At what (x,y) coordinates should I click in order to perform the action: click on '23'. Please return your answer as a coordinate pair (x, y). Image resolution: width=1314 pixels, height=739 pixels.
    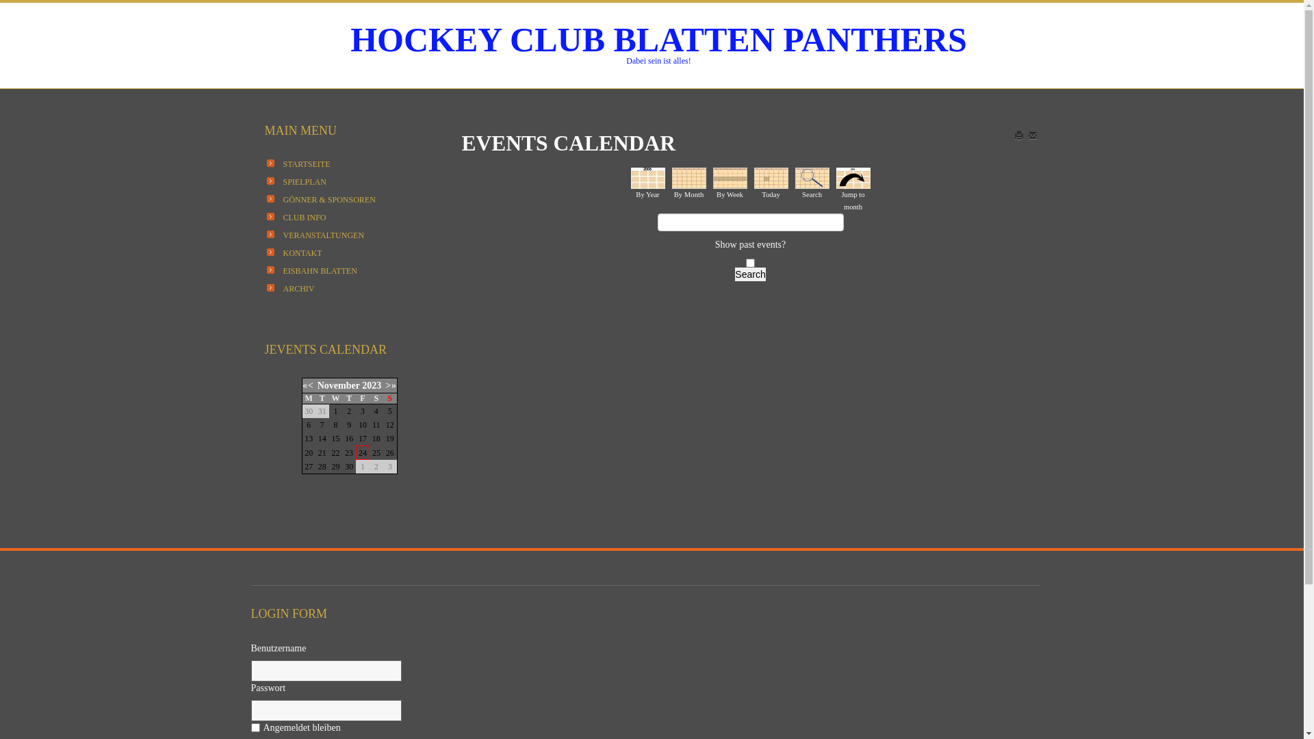
    Looking at the image, I should click on (345, 452).